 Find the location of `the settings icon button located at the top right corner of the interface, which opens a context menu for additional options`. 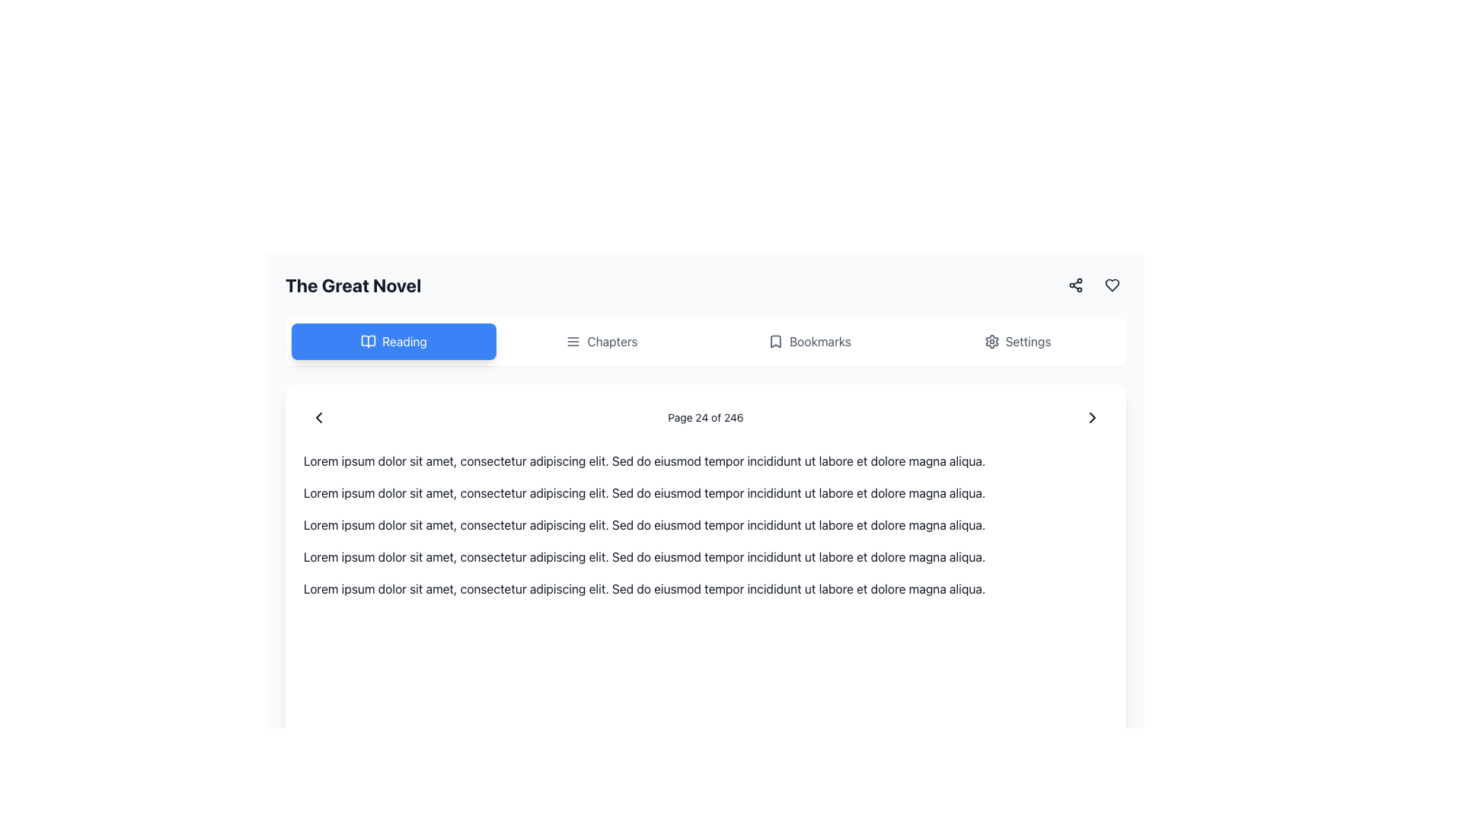

the settings icon button located at the top right corner of the interface, which opens a context menu for additional options is located at coordinates (991, 340).